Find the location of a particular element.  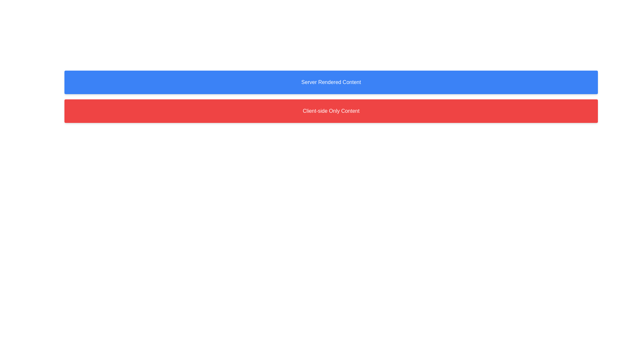

the static text block labeled 'Client-side Only Content' with a red background and white text is located at coordinates (331, 110).